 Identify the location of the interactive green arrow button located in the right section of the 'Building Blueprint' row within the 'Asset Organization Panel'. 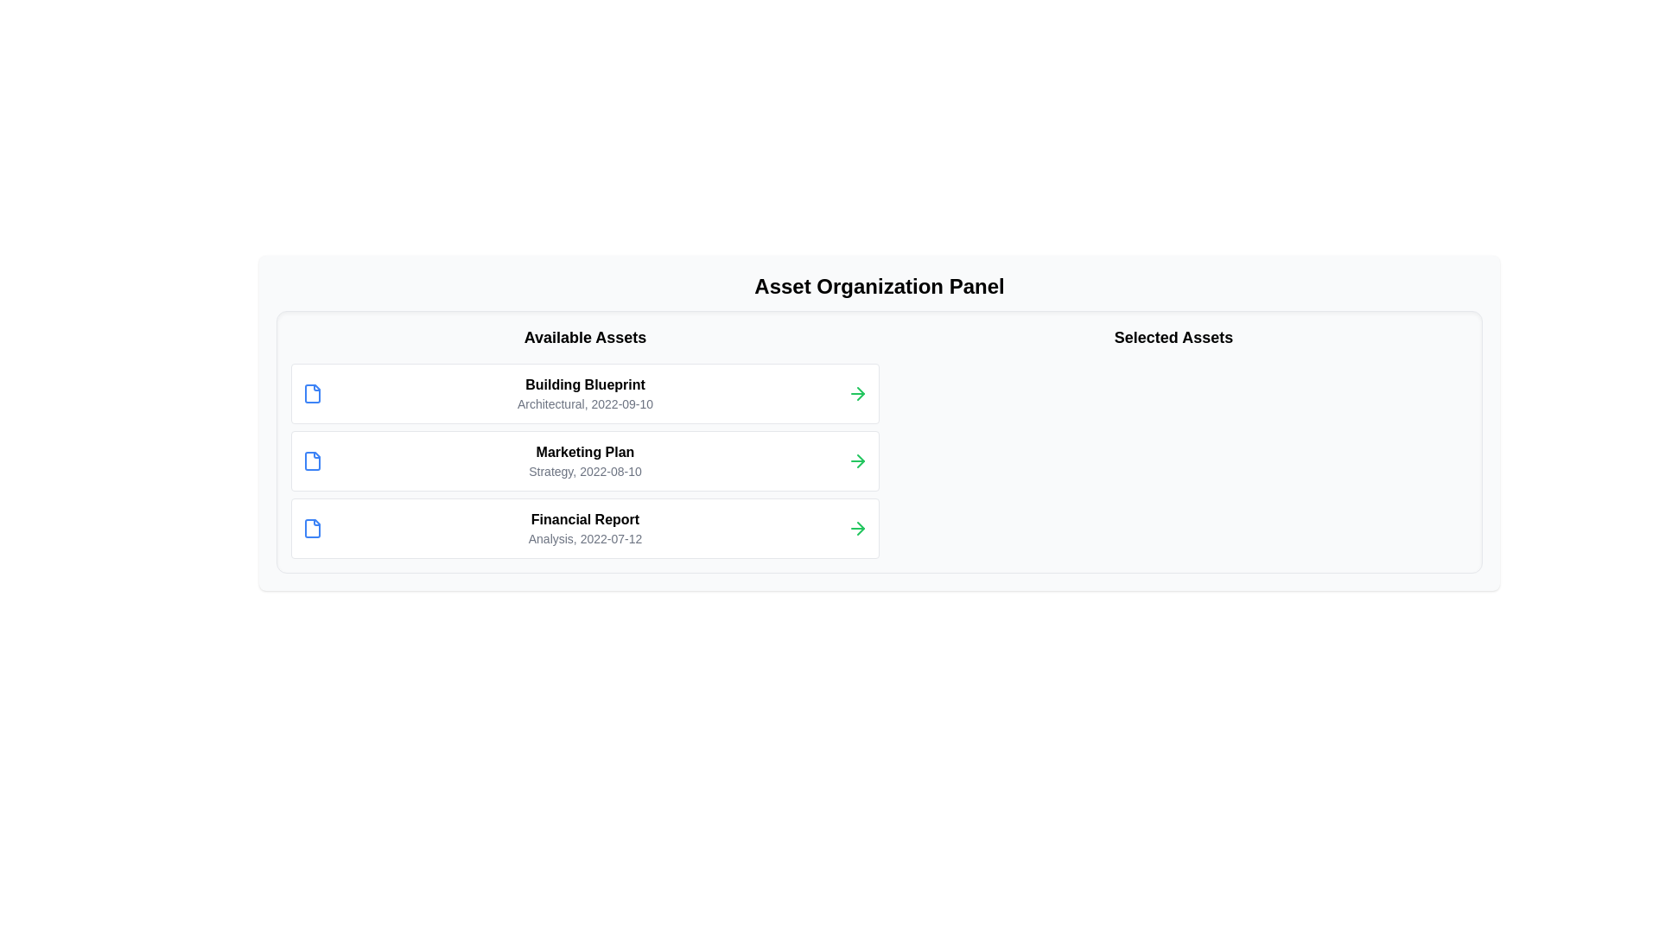
(858, 393).